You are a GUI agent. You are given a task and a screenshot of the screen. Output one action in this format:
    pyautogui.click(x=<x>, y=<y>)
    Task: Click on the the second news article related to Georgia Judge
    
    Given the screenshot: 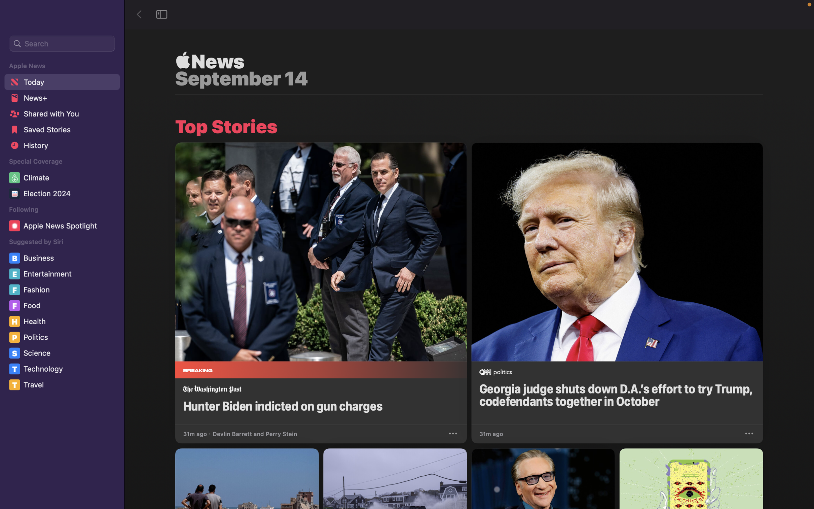 What is the action you would take?
    pyautogui.click(x=617, y=283)
    